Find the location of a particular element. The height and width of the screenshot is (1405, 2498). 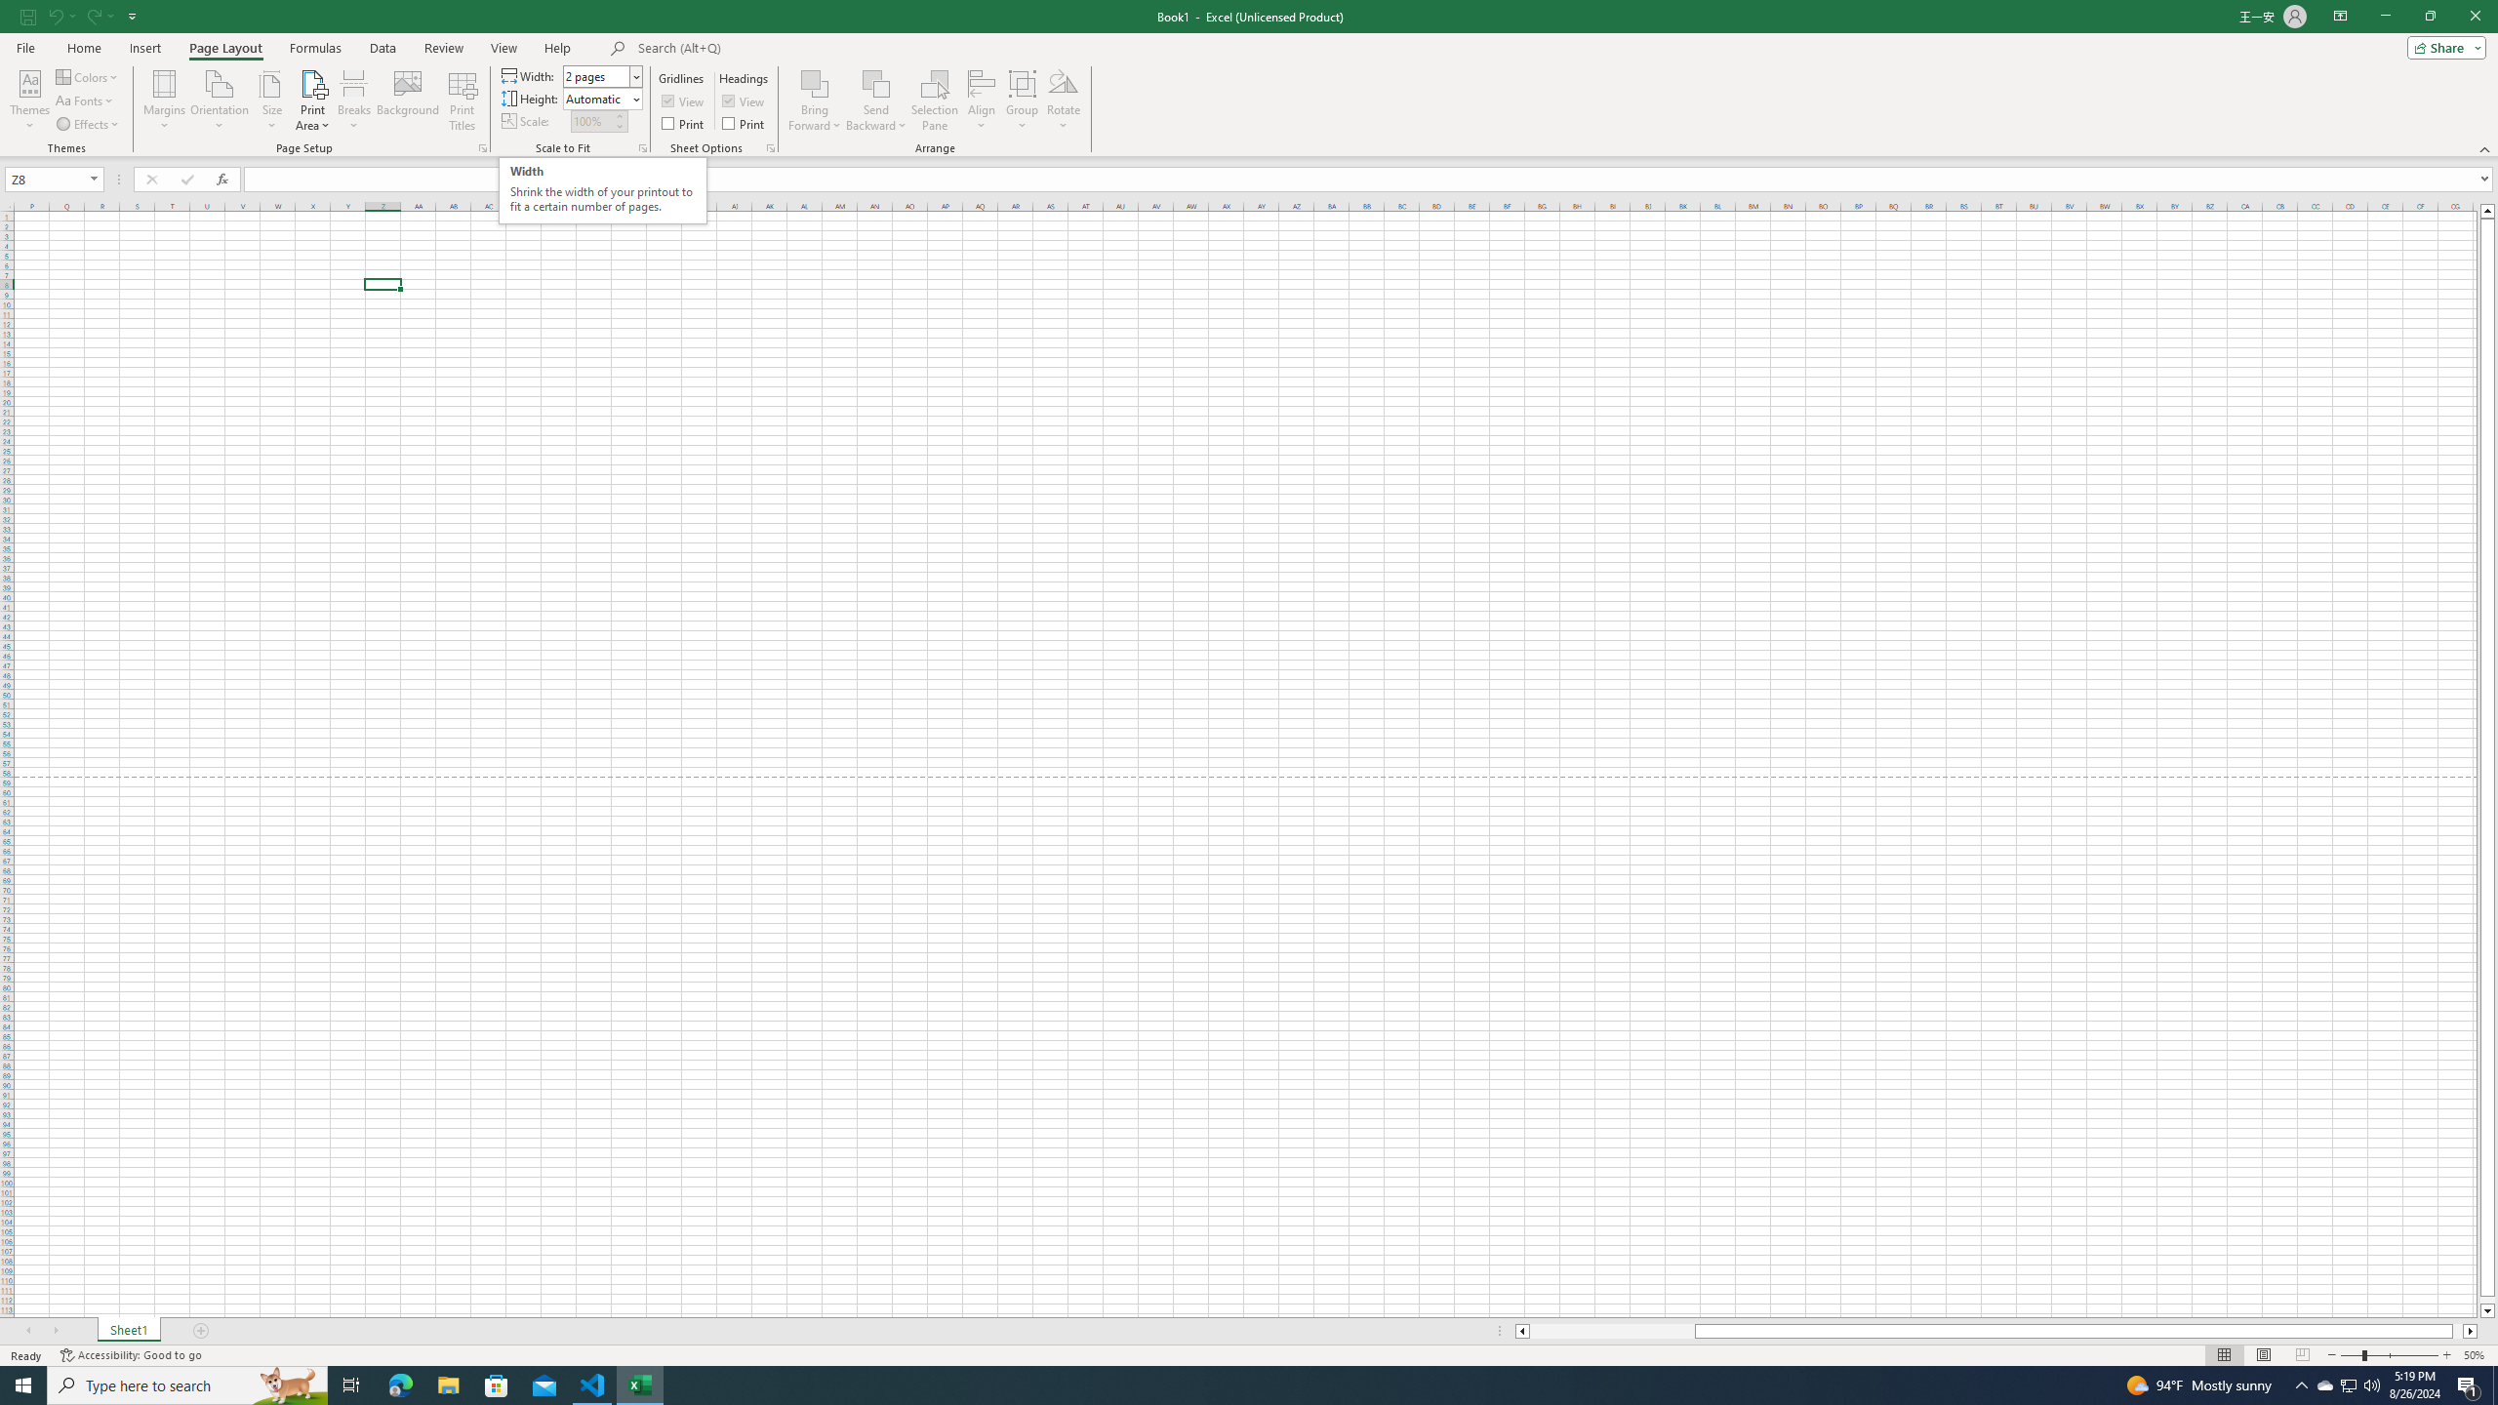

'Page left' is located at coordinates (1611, 1330).